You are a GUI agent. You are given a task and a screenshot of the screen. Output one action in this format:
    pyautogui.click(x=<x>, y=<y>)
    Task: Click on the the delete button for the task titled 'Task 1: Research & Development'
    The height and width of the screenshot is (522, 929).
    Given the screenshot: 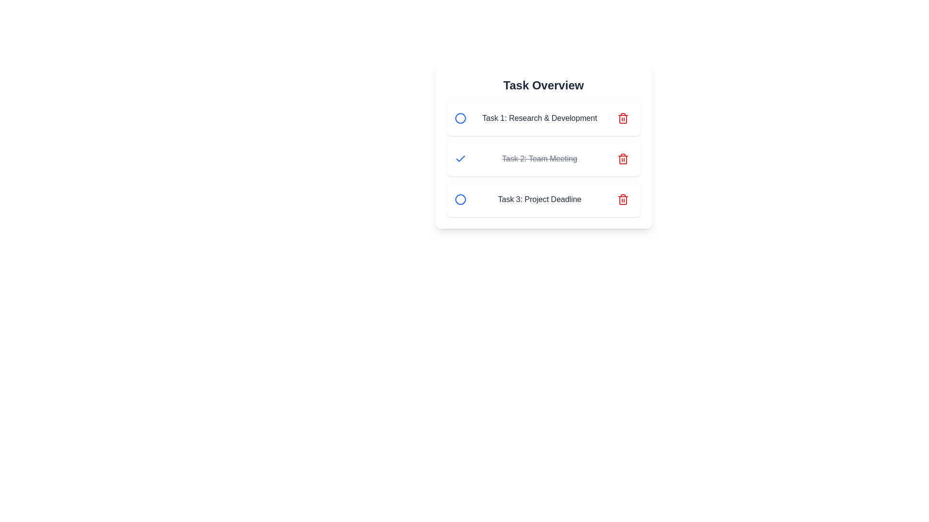 What is the action you would take?
    pyautogui.click(x=623, y=118)
    